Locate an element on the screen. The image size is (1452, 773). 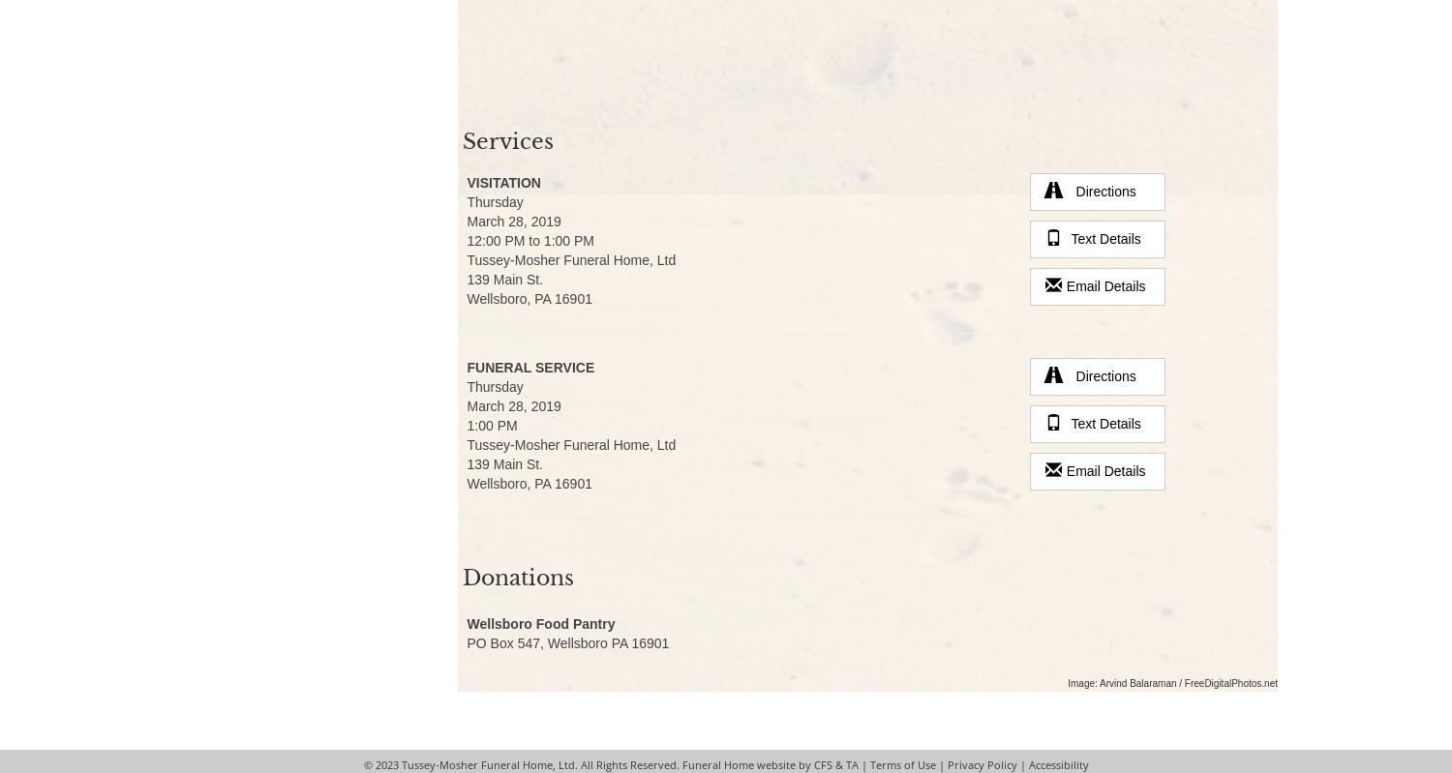
'Donations' is located at coordinates (517, 577).